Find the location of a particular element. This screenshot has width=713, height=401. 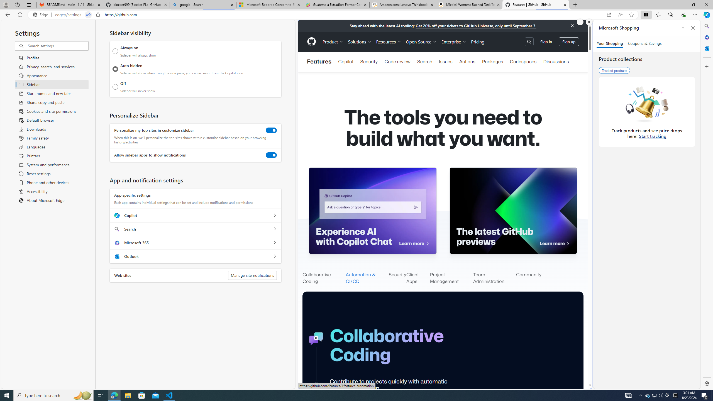

'Resources' is located at coordinates (388, 41).